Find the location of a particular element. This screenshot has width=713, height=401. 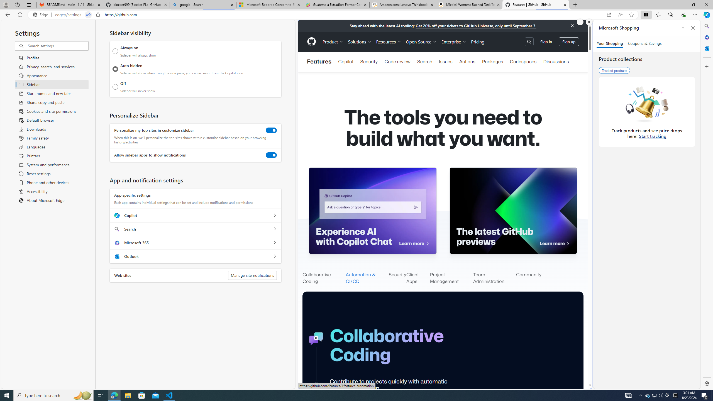

'Resources' is located at coordinates (388, 41).